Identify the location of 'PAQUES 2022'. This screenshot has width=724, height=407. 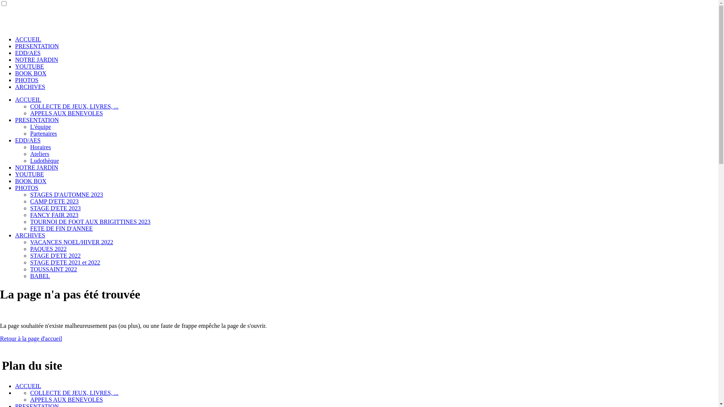
(30, 249).